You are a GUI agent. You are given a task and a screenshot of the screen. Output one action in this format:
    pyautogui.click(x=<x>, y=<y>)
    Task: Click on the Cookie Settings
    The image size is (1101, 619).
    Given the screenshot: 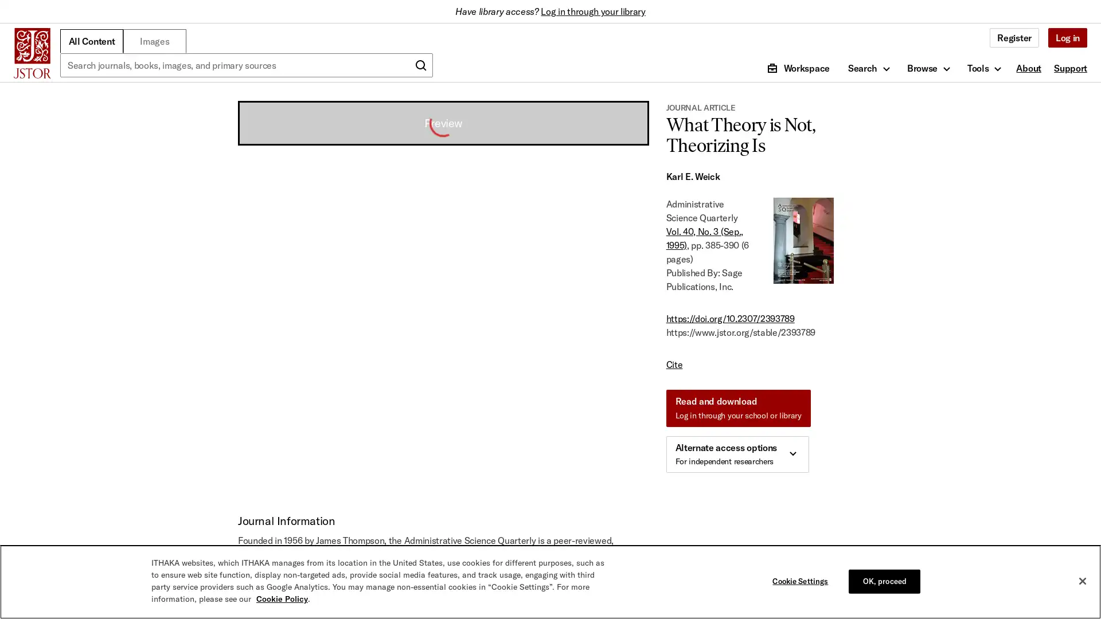 What is the action you would take?
    pyautogui.click(x=802, y=581)
    